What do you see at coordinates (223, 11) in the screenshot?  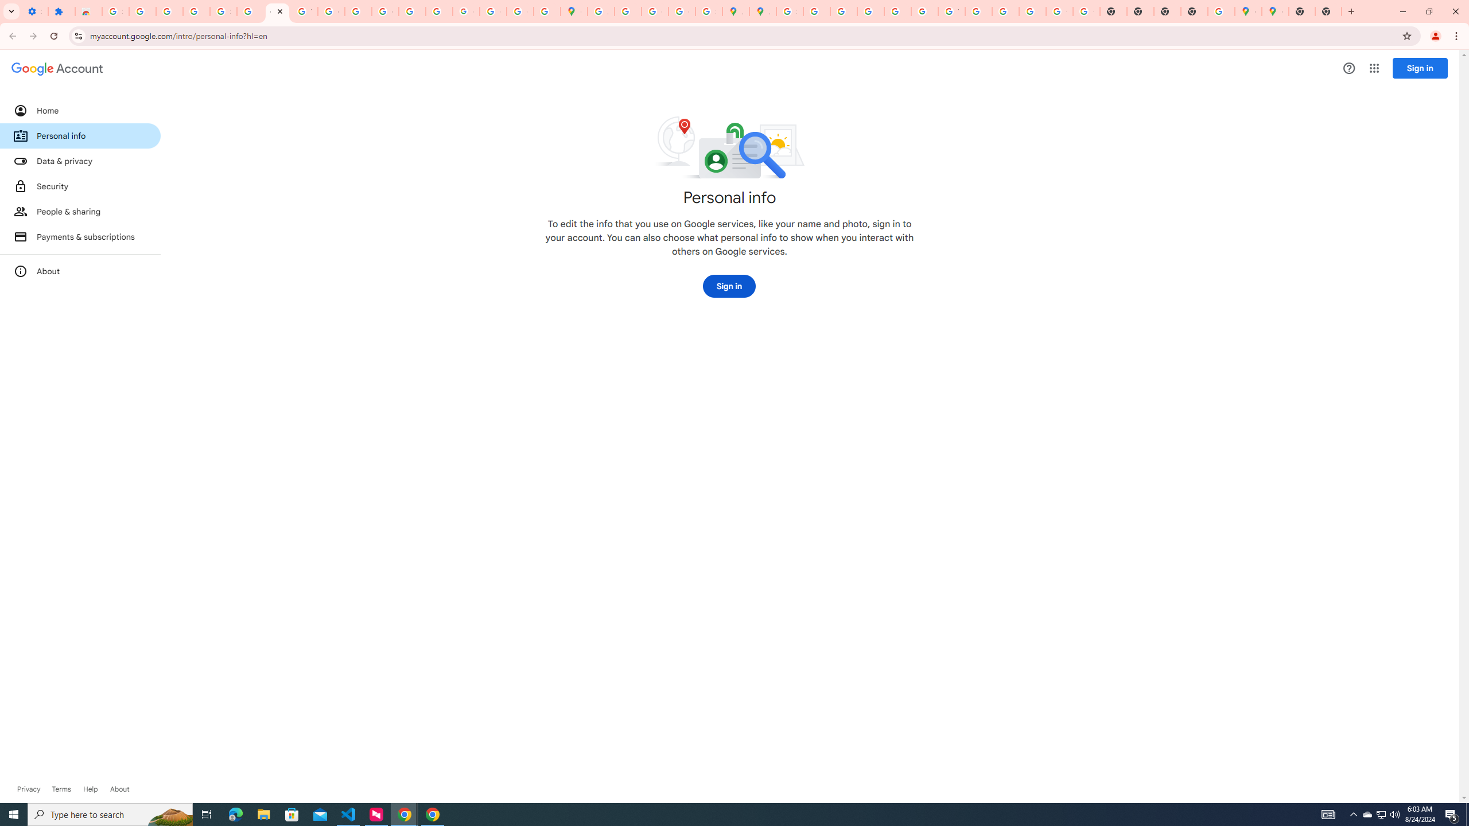 I see `'Sign in - Google Accounts'` at bounding box center [223, 11].